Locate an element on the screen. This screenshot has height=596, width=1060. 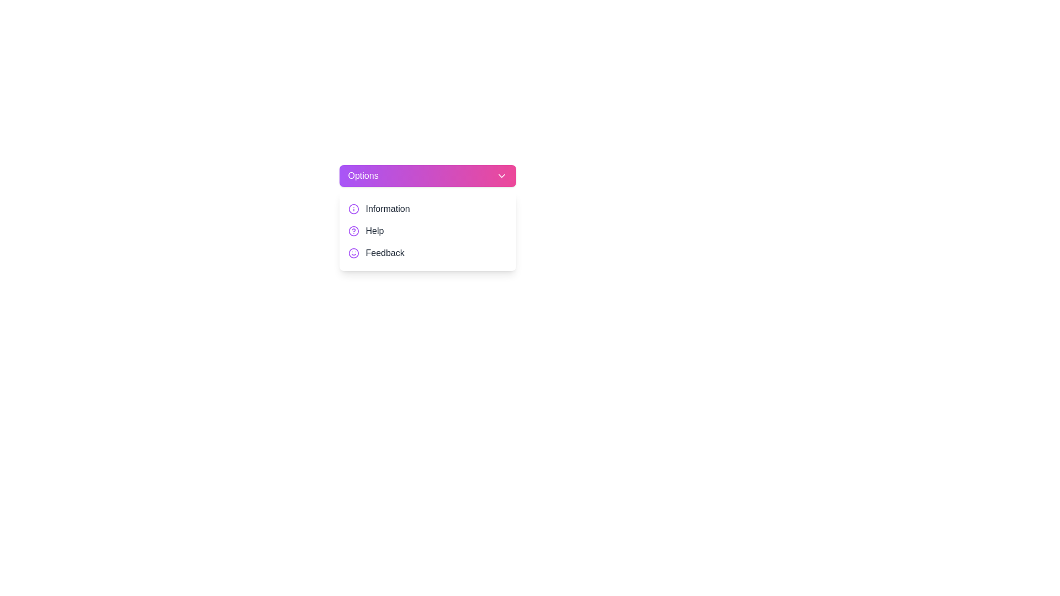
the 'Information' icon, which is the first item in the vertical list under the 'Options' dropdown menu is located at coordinates (353, 209).